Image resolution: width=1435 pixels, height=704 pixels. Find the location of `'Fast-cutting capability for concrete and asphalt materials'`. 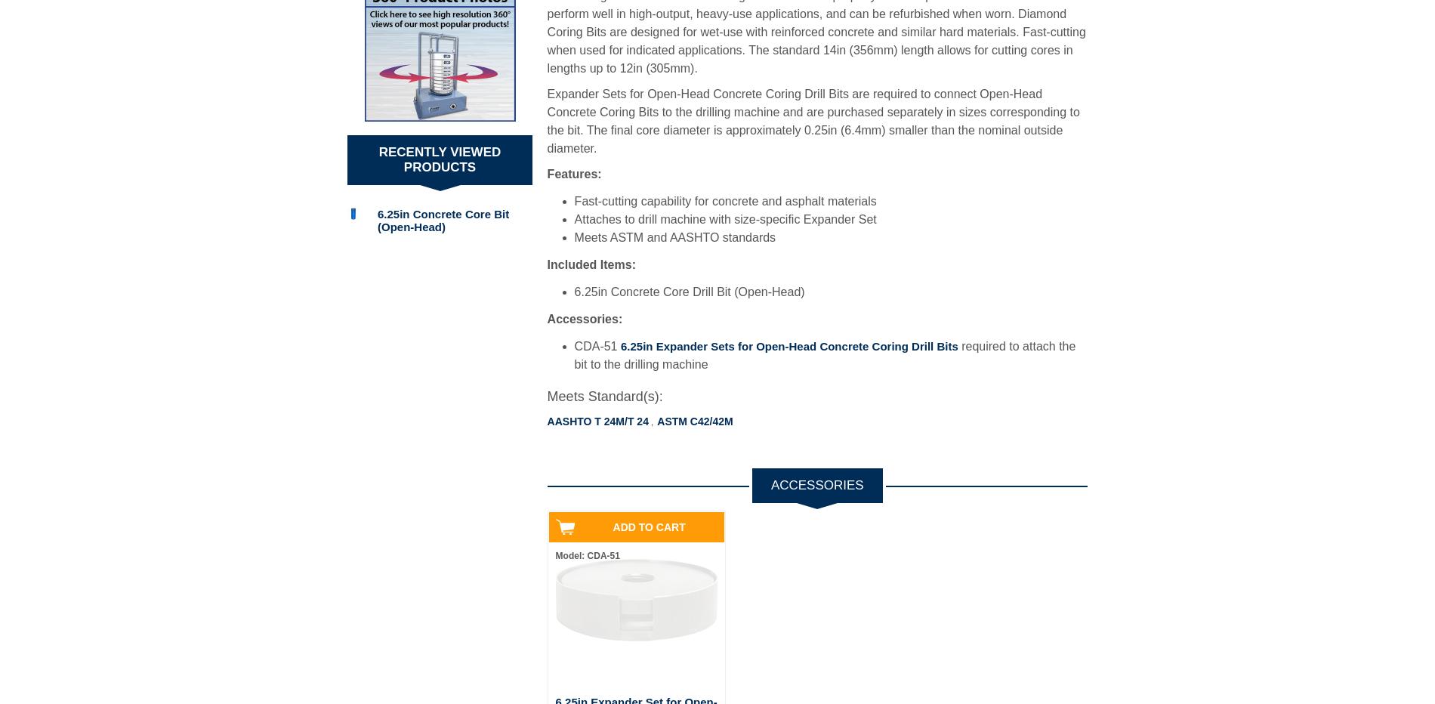

'Fast-cutting capability for concrete and asphalt materials' is located at coordinates (725, 200).